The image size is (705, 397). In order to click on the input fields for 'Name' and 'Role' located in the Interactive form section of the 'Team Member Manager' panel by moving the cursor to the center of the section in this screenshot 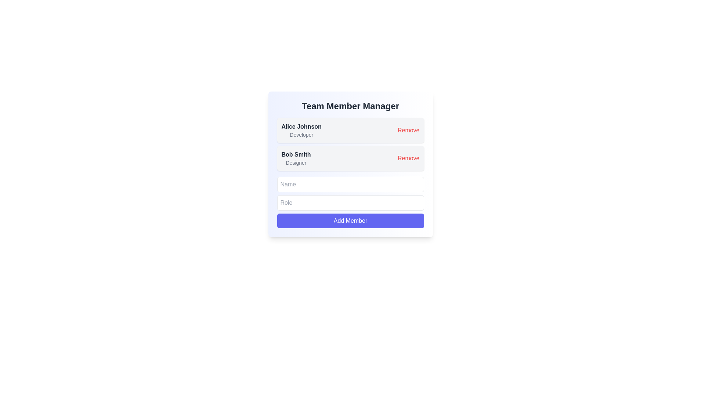, I will do `click(350, 203)`.